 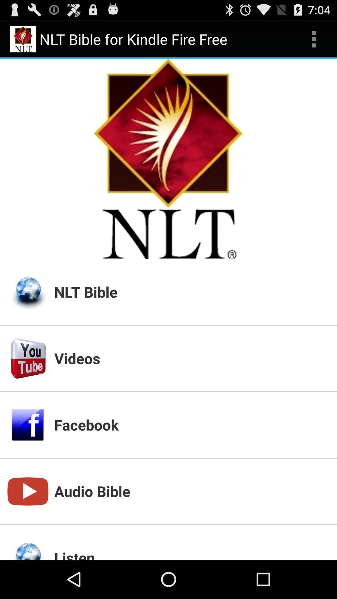 What do you see at coordinates (191, 424) in the screenshot?
I see `facebook` at bounding box center [191, 424].